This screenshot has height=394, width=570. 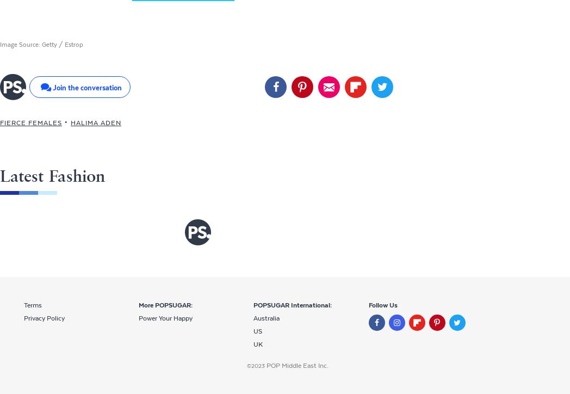 I want to click on 'Latest Fashion', so click(x=52, y=175).